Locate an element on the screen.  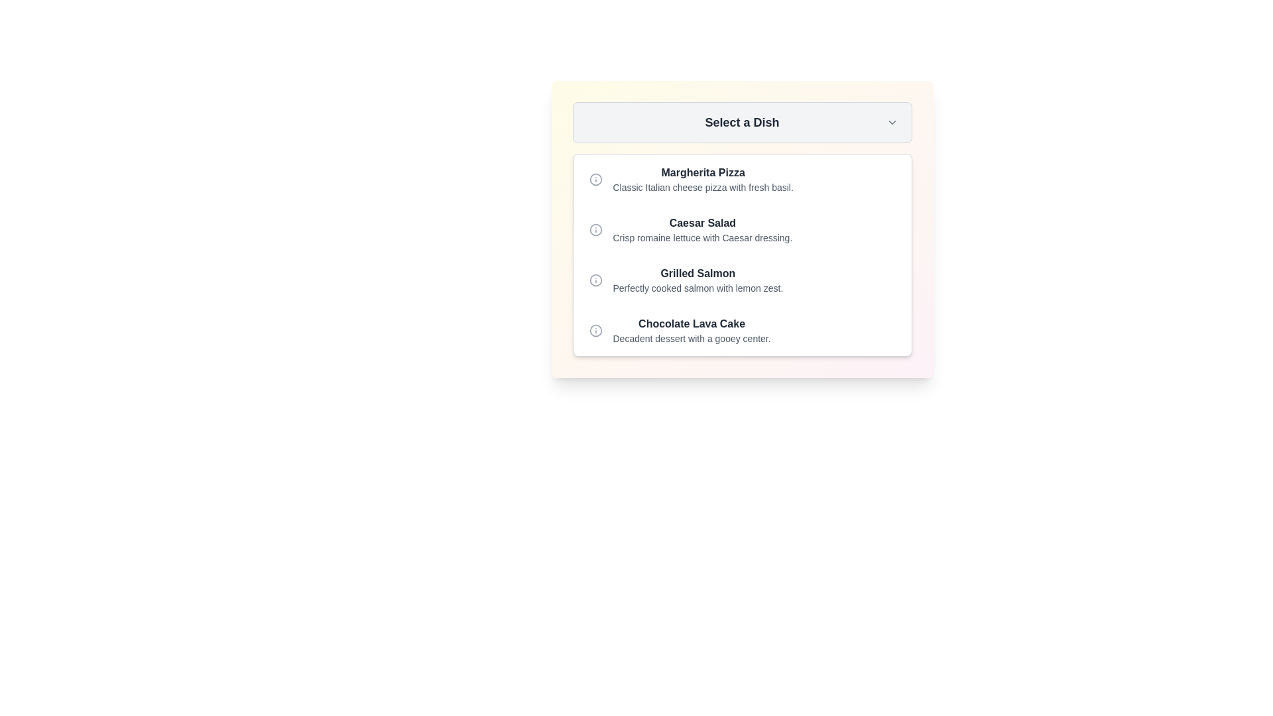
the text label 'Crisp romaine lettuce with Caesar dressing.' which is the second option in the menu under 'Select a Dish' is located at coordinates (701, 229).